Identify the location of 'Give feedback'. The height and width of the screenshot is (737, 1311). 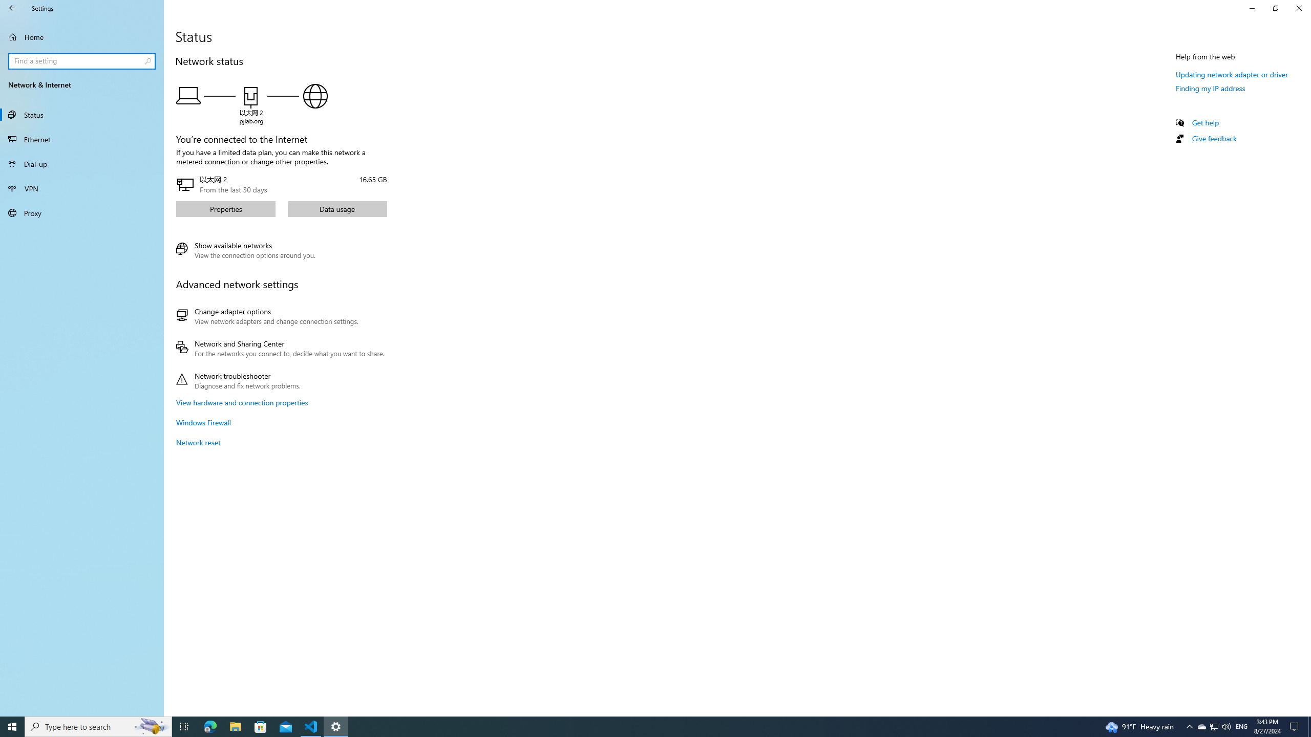
(1213, 138).